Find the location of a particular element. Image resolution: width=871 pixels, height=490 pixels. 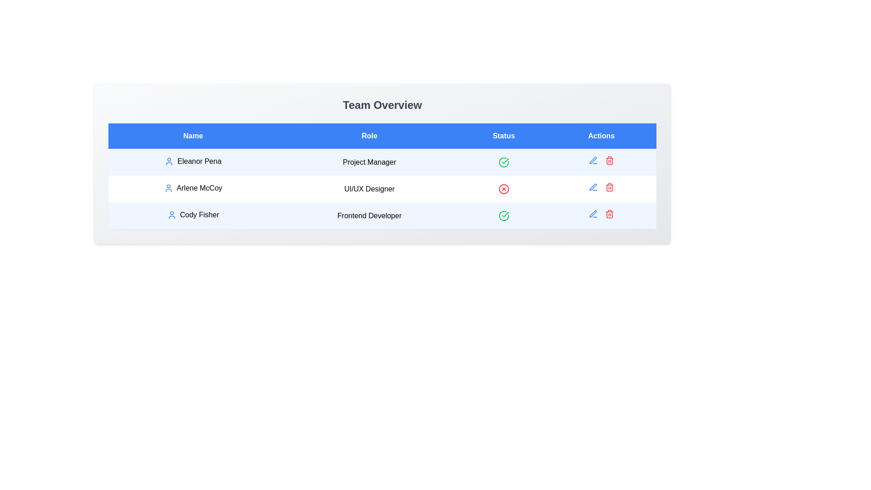

the icon button resembling an angled pen located at the rightmost side of the second row in the actions column is located at coordinates (592, 160).